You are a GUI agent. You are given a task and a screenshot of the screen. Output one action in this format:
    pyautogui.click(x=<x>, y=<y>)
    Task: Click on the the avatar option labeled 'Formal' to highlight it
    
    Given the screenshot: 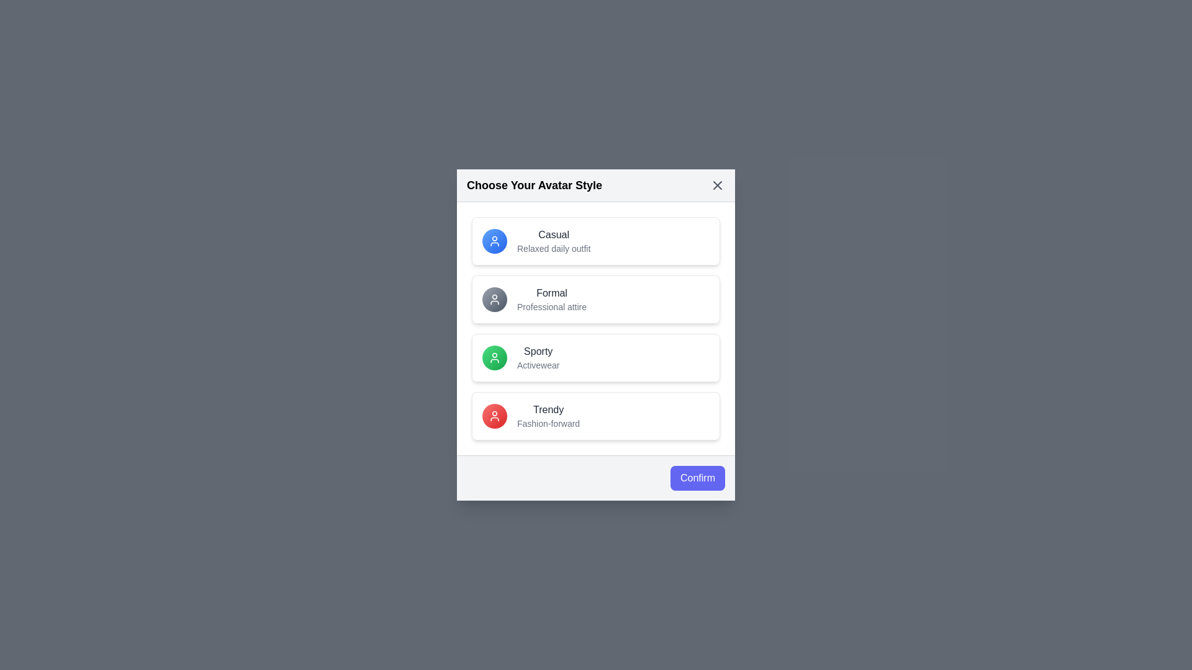 What is the action you would take?
    pyautogui.click(x=596, y=299)
    